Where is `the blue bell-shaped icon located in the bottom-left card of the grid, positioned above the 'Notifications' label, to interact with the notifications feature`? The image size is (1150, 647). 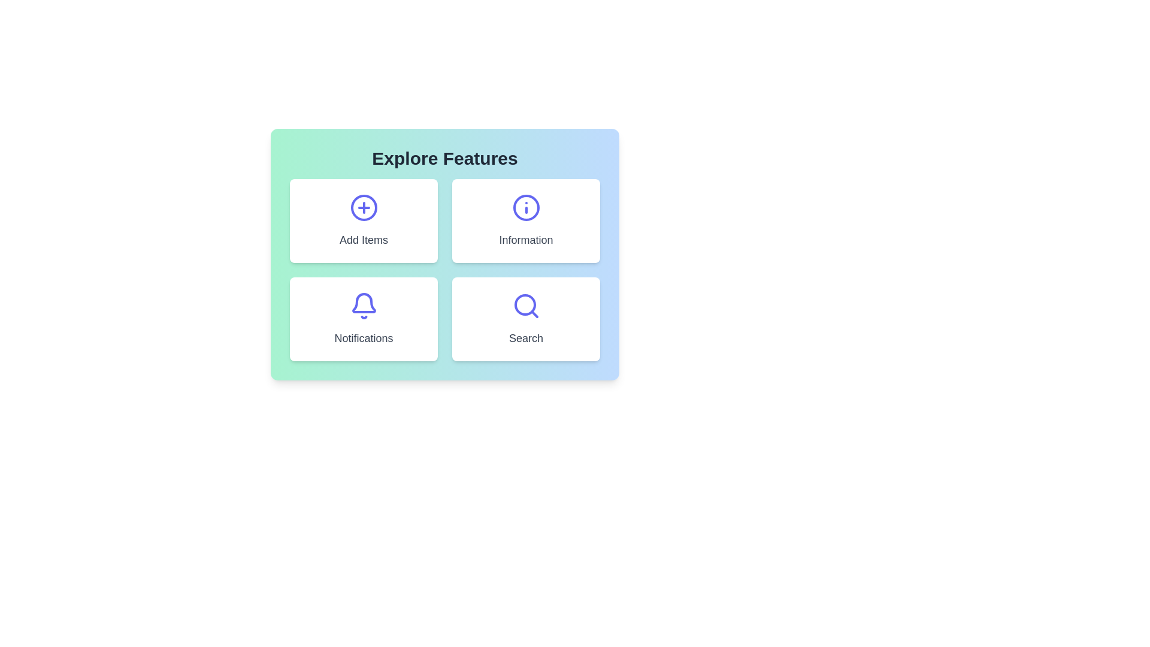
the blue bell-shaped icon located in the bottom-left card of the grid, positioned above the 'Notifications' label, to interact with the notifications feature is located at coordinates (363, 305).